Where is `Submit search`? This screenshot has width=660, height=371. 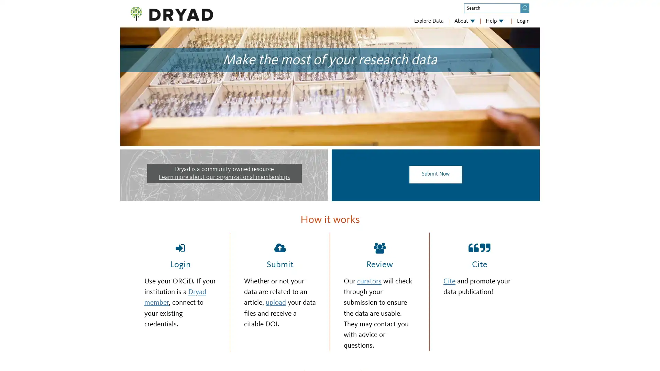
Submit search is located at coordinates (525, 8).